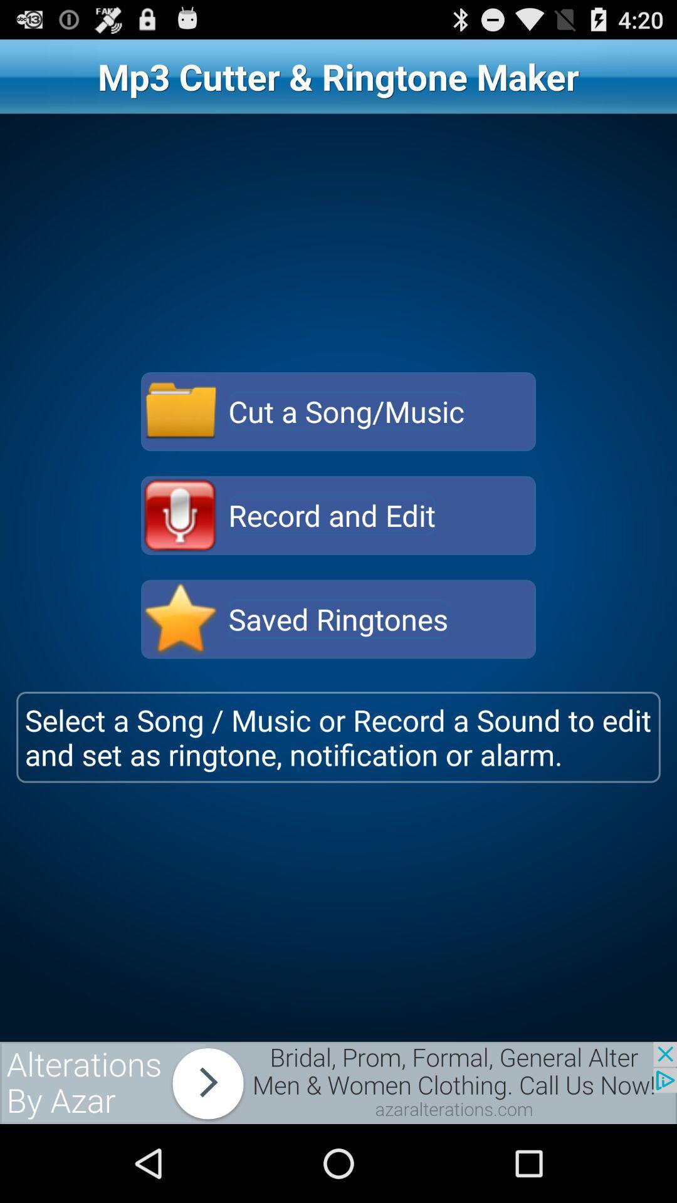 The width and height of the screenshot is (677, 1203). Describe the element at coordinates (181, 515) in the screenshot. I see `record the thing in question` at that location.